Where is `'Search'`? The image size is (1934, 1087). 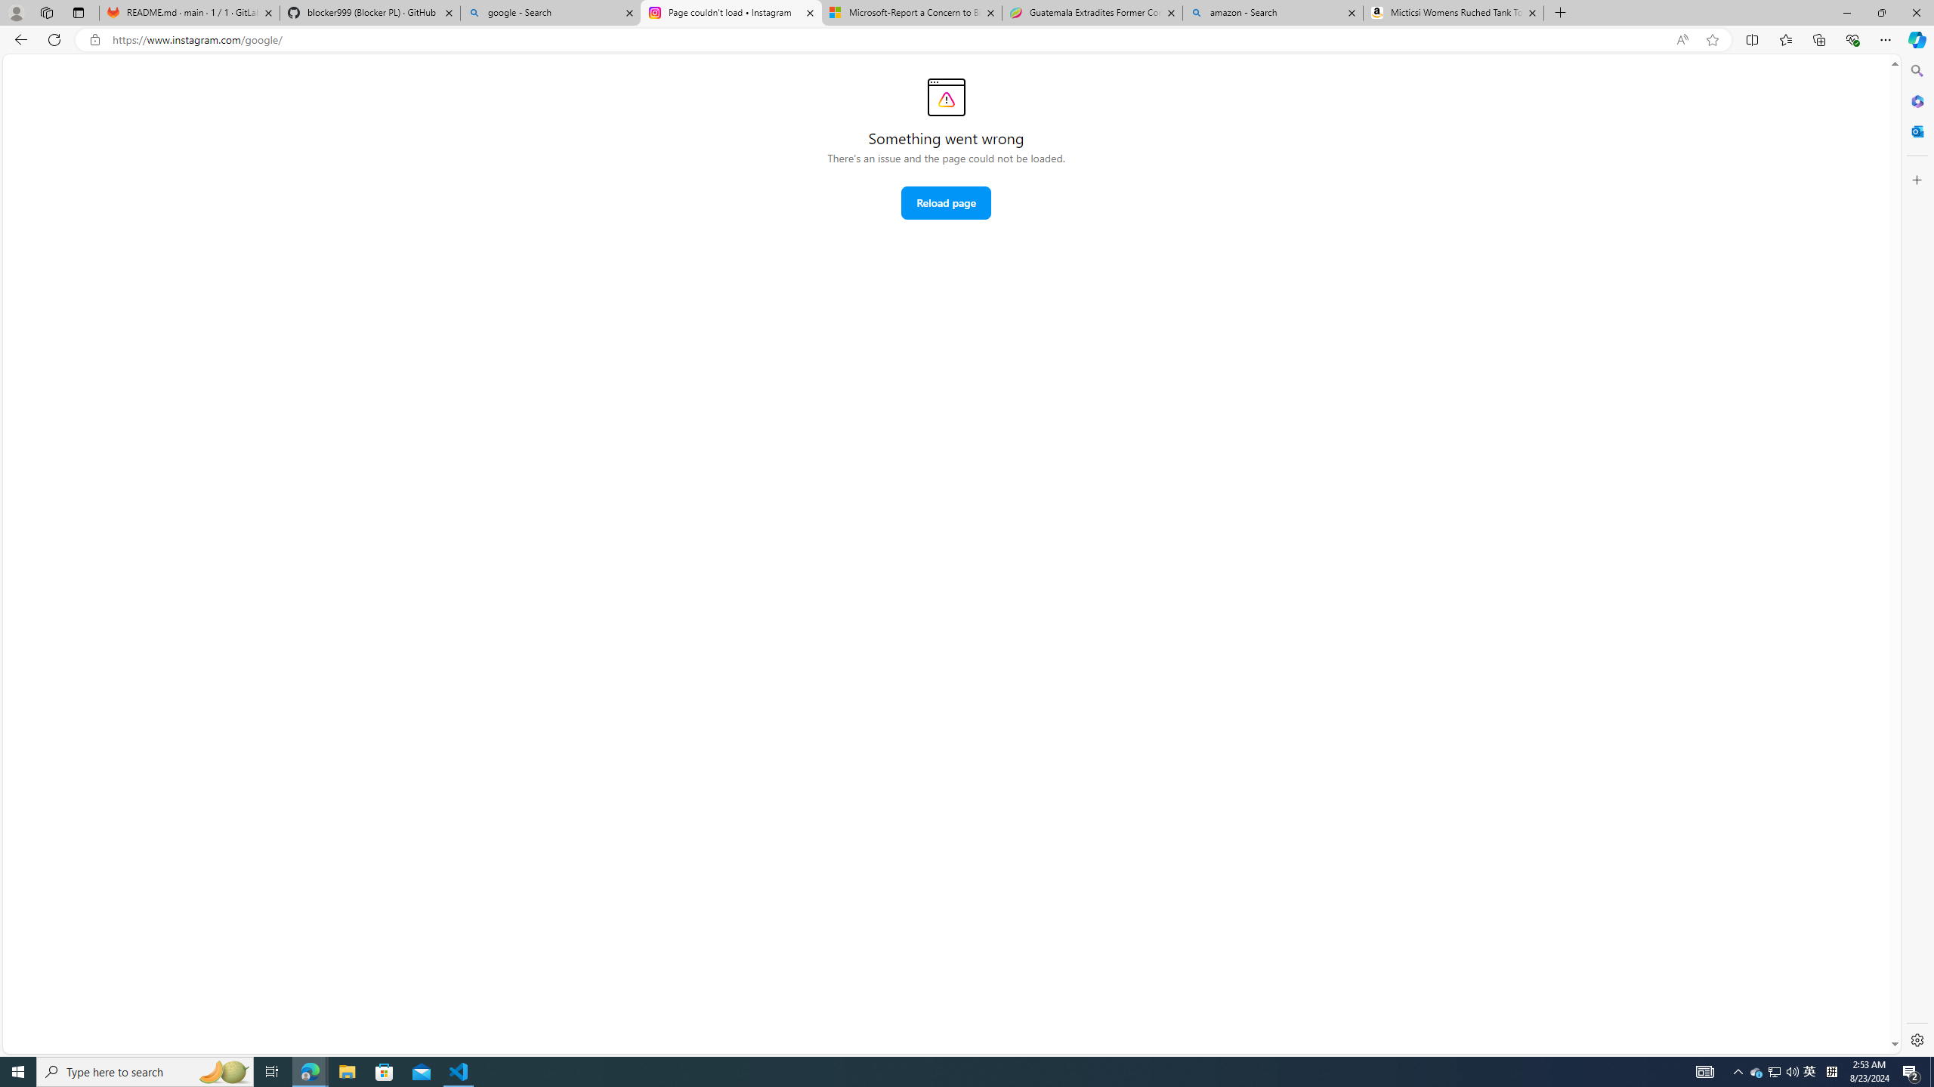
'Search' is located at coordinates (1915, 70).